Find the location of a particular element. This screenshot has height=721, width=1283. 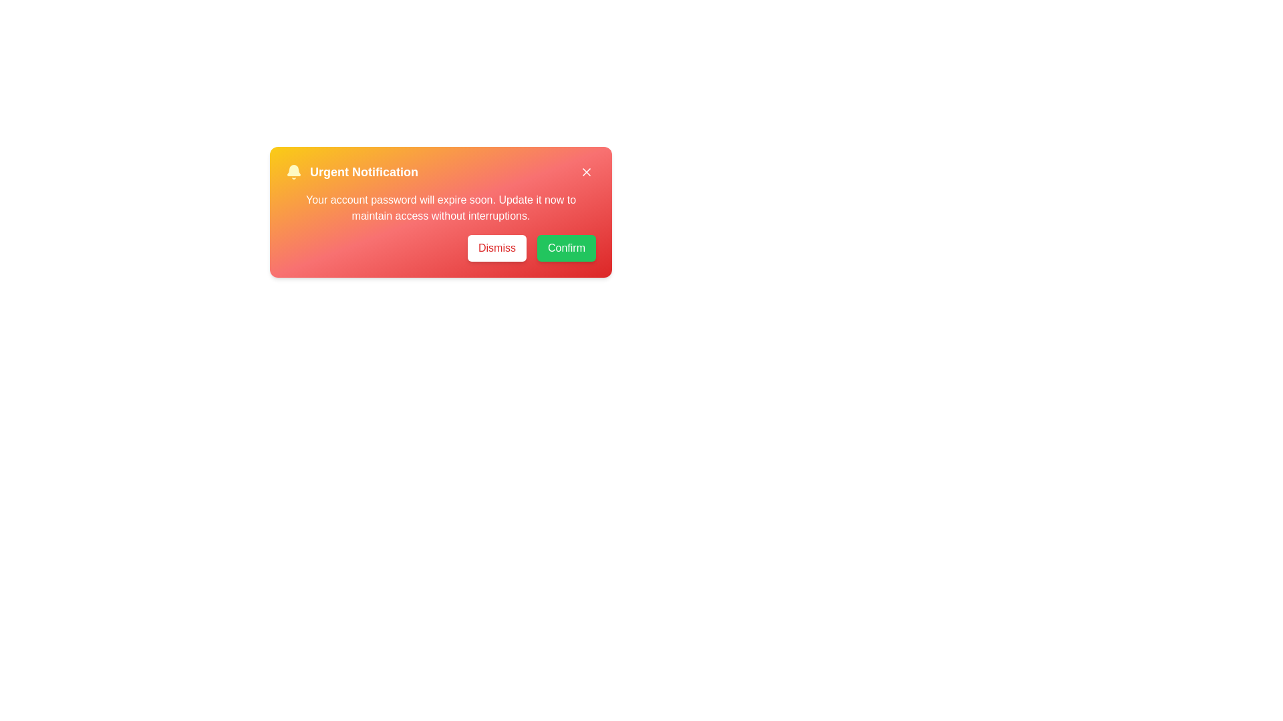

the bell icon to simulate visual engagement is located at coordinates (293, 172).